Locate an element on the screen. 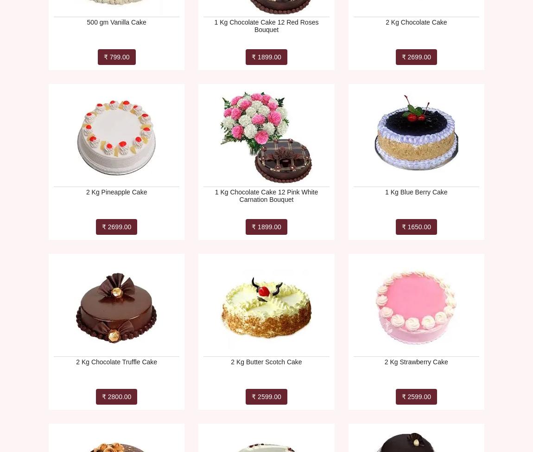  '2 Kg Strawberry Cake' is located at coordinates (416, 361).